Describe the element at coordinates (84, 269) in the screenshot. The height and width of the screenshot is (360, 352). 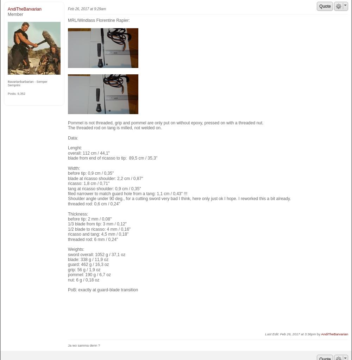
I see `'grip: 56 g / 1,9 oz'` at that location.